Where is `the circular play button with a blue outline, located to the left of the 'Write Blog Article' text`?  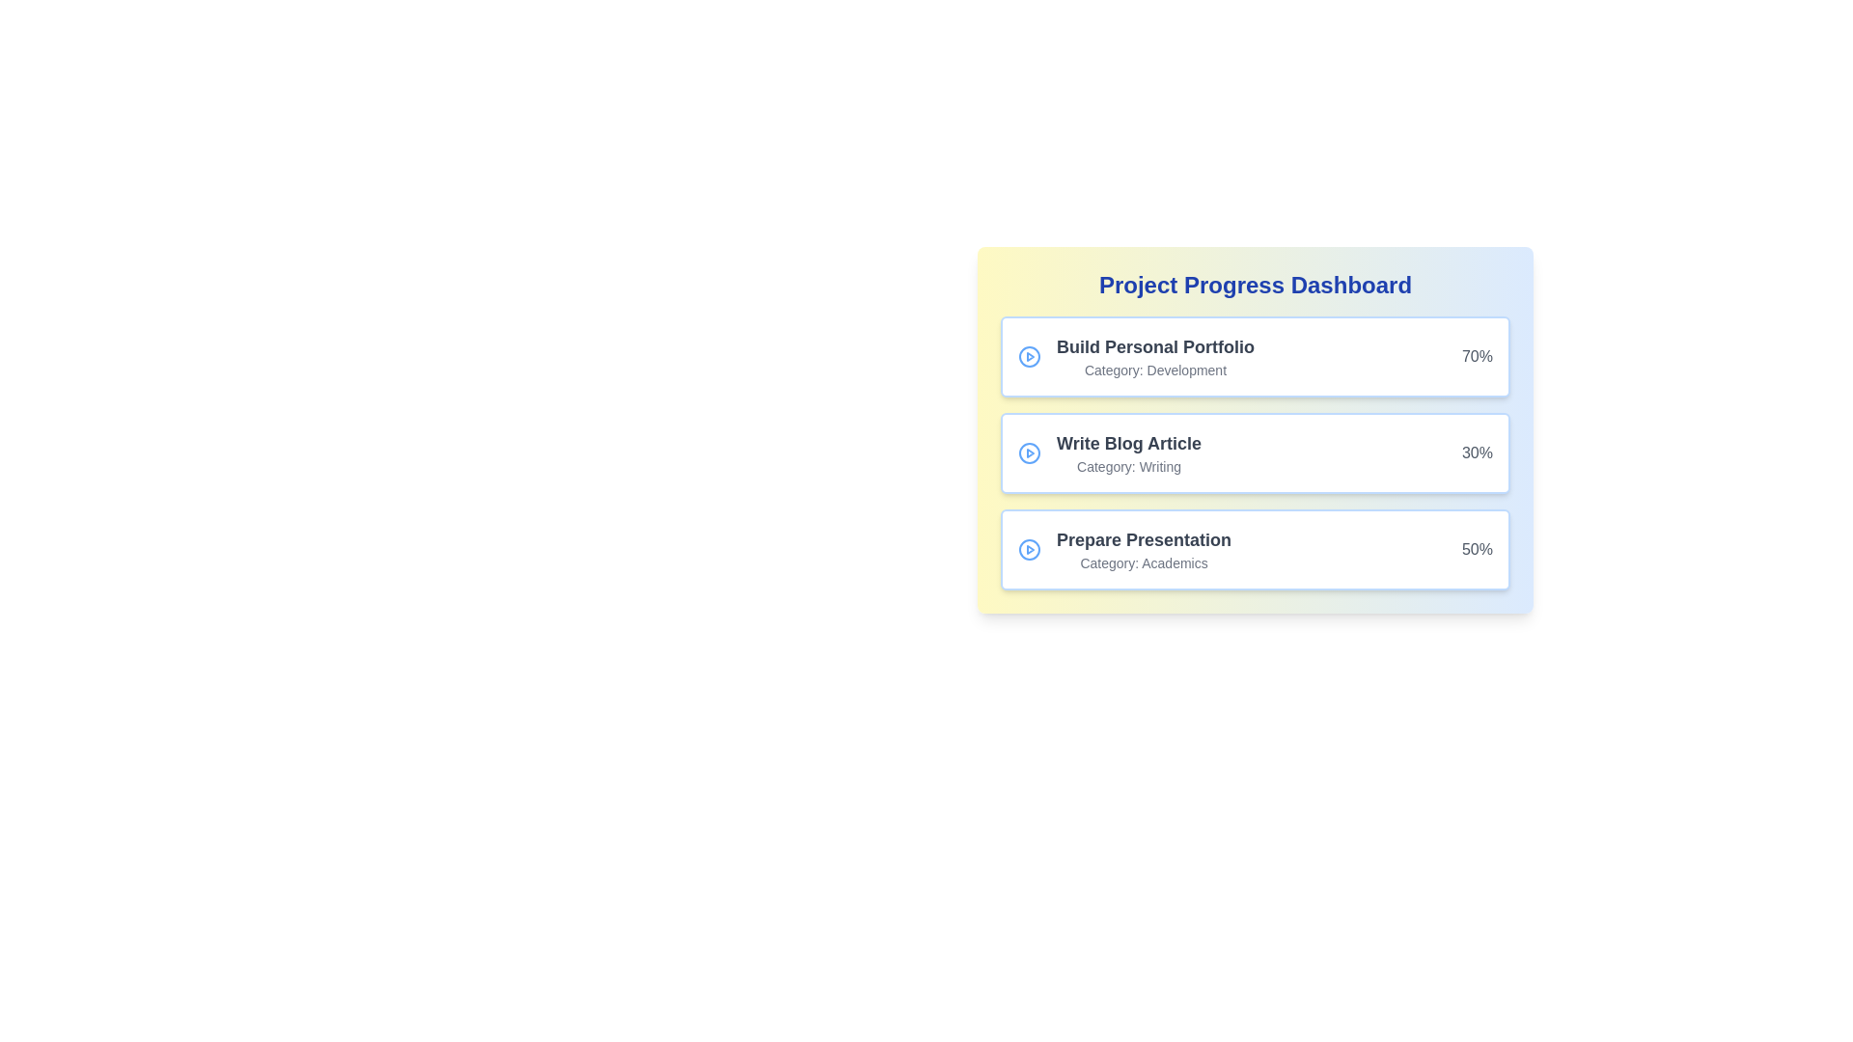 the circular play button with a blue outline, located to the left of the 'Write Blog Article' text is located at coordinates (1028, 453).